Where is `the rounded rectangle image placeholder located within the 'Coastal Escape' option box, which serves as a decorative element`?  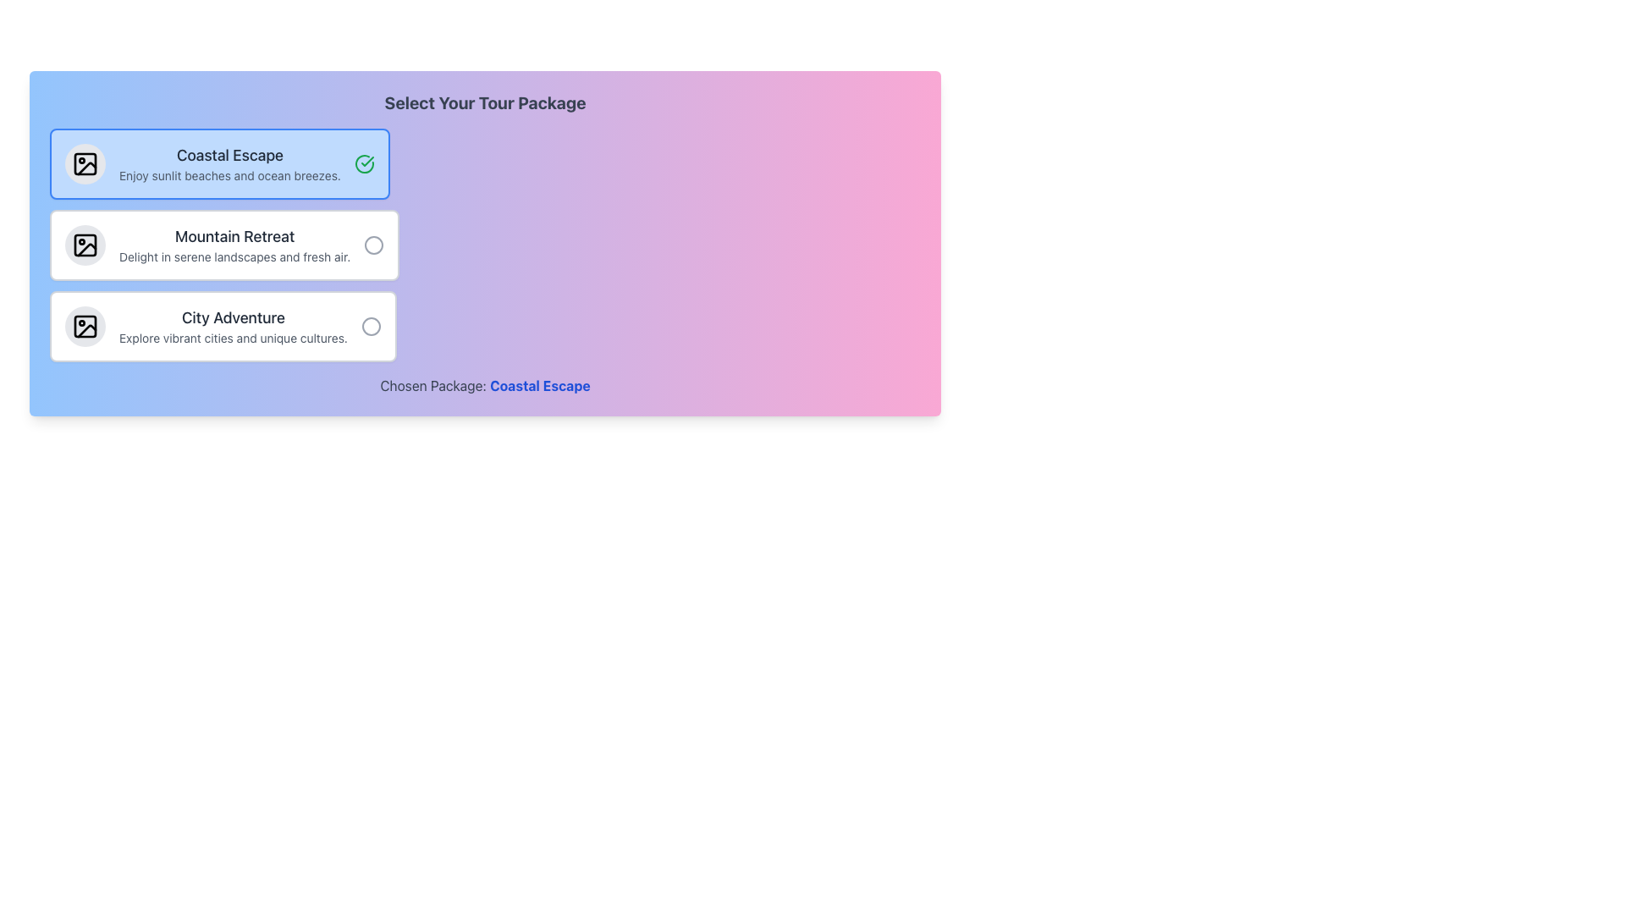
the rounded rectangle image placeholder located within the 'Coastal Escape' option box, which serves as a decorative element is located at coordinates (84, 163).